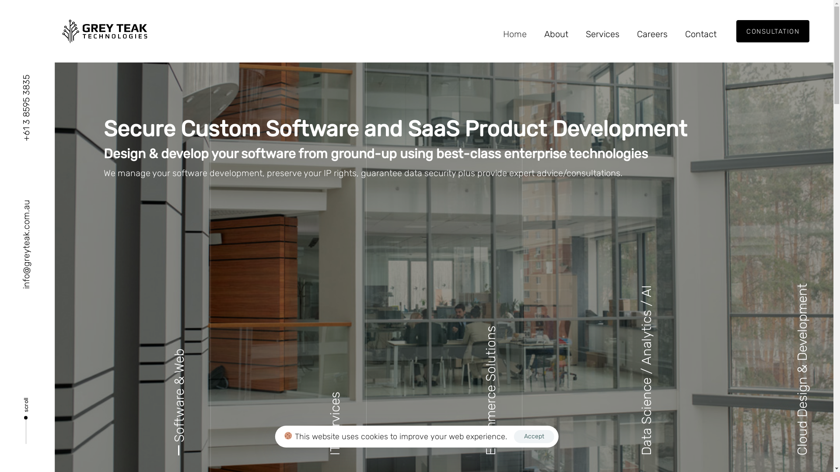 The image size is (840, 472). I want to click on 'Services', so click(602, 33).